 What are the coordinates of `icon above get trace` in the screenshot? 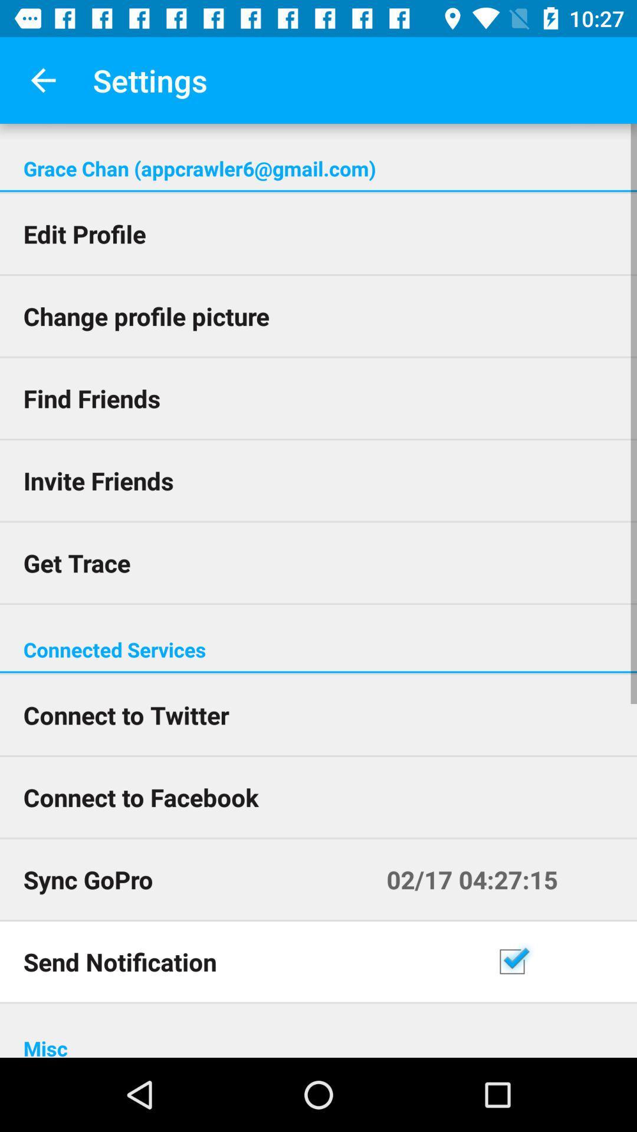 It's located at (318, 481).